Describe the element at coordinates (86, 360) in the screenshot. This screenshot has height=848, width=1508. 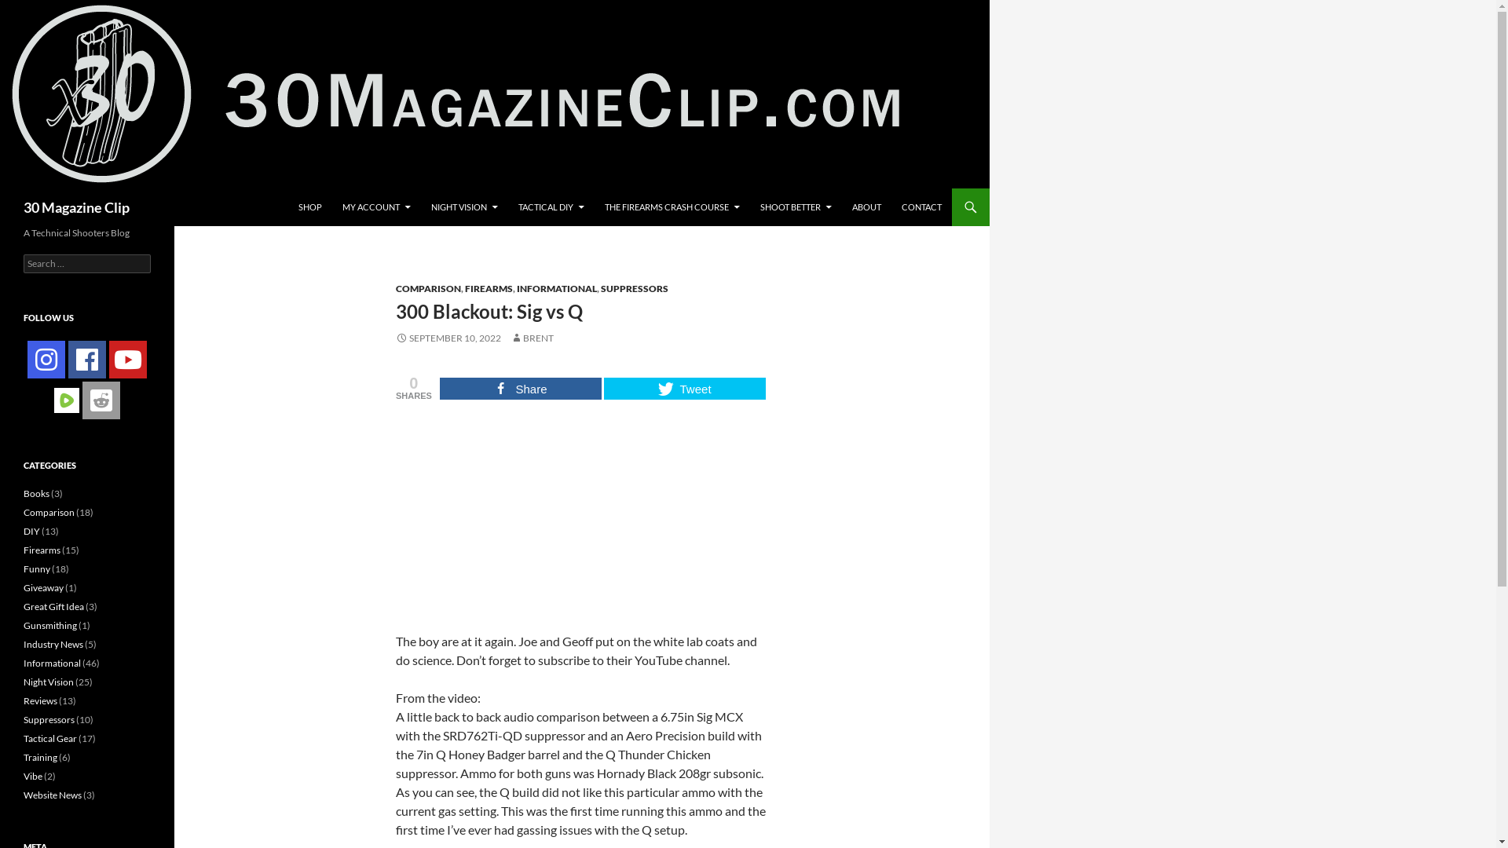
I see `'Facebook'` at that location.